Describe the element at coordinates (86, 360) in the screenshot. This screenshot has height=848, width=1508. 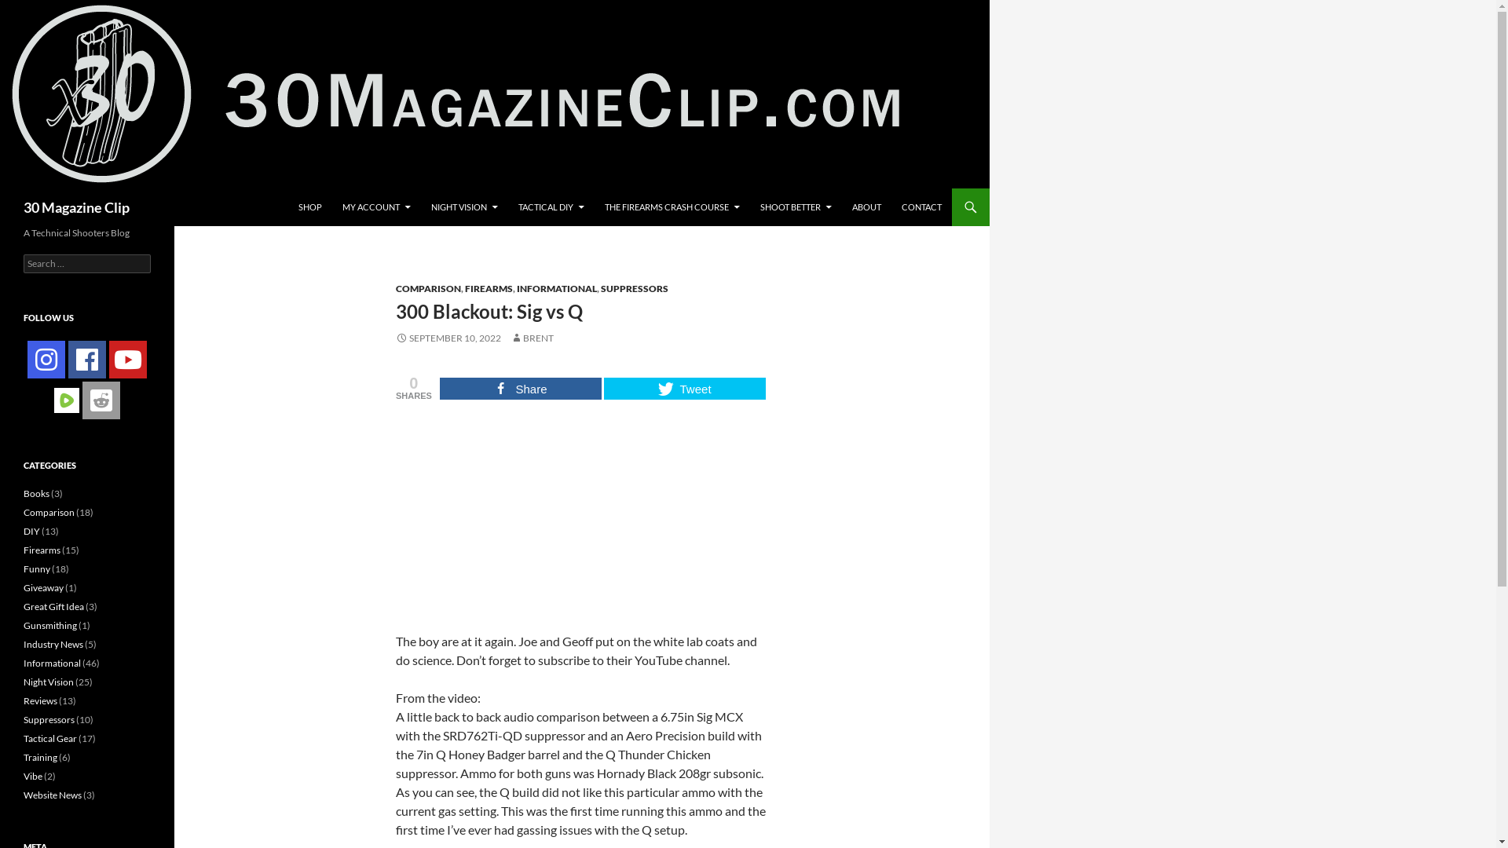
I see `'Facebook'` at that location.